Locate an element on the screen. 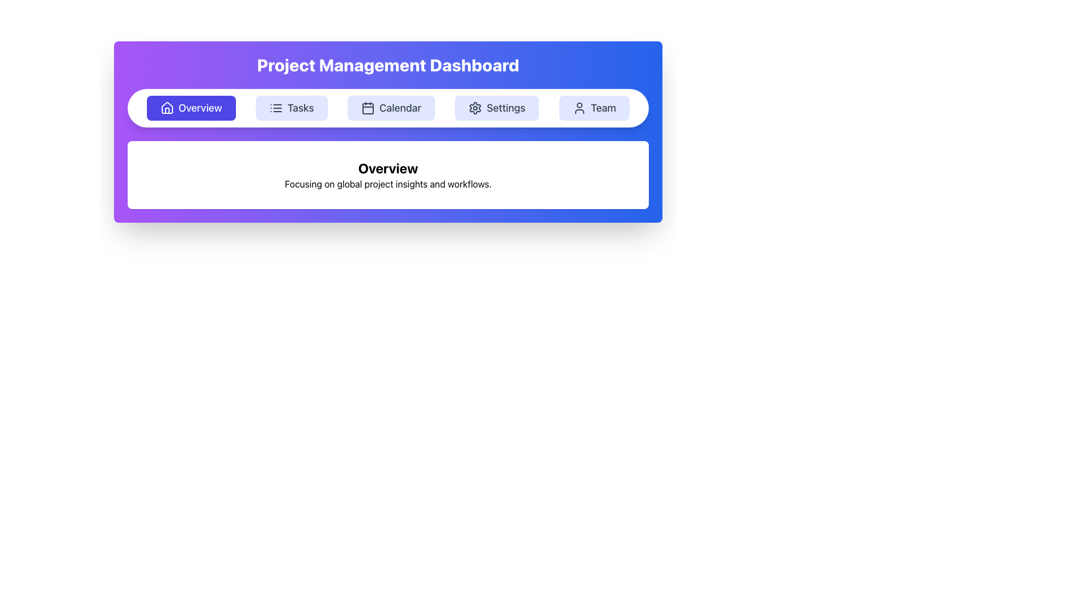  the cogwheel-shaped icon button in the navigation menu is located at coordinates (475, 108).